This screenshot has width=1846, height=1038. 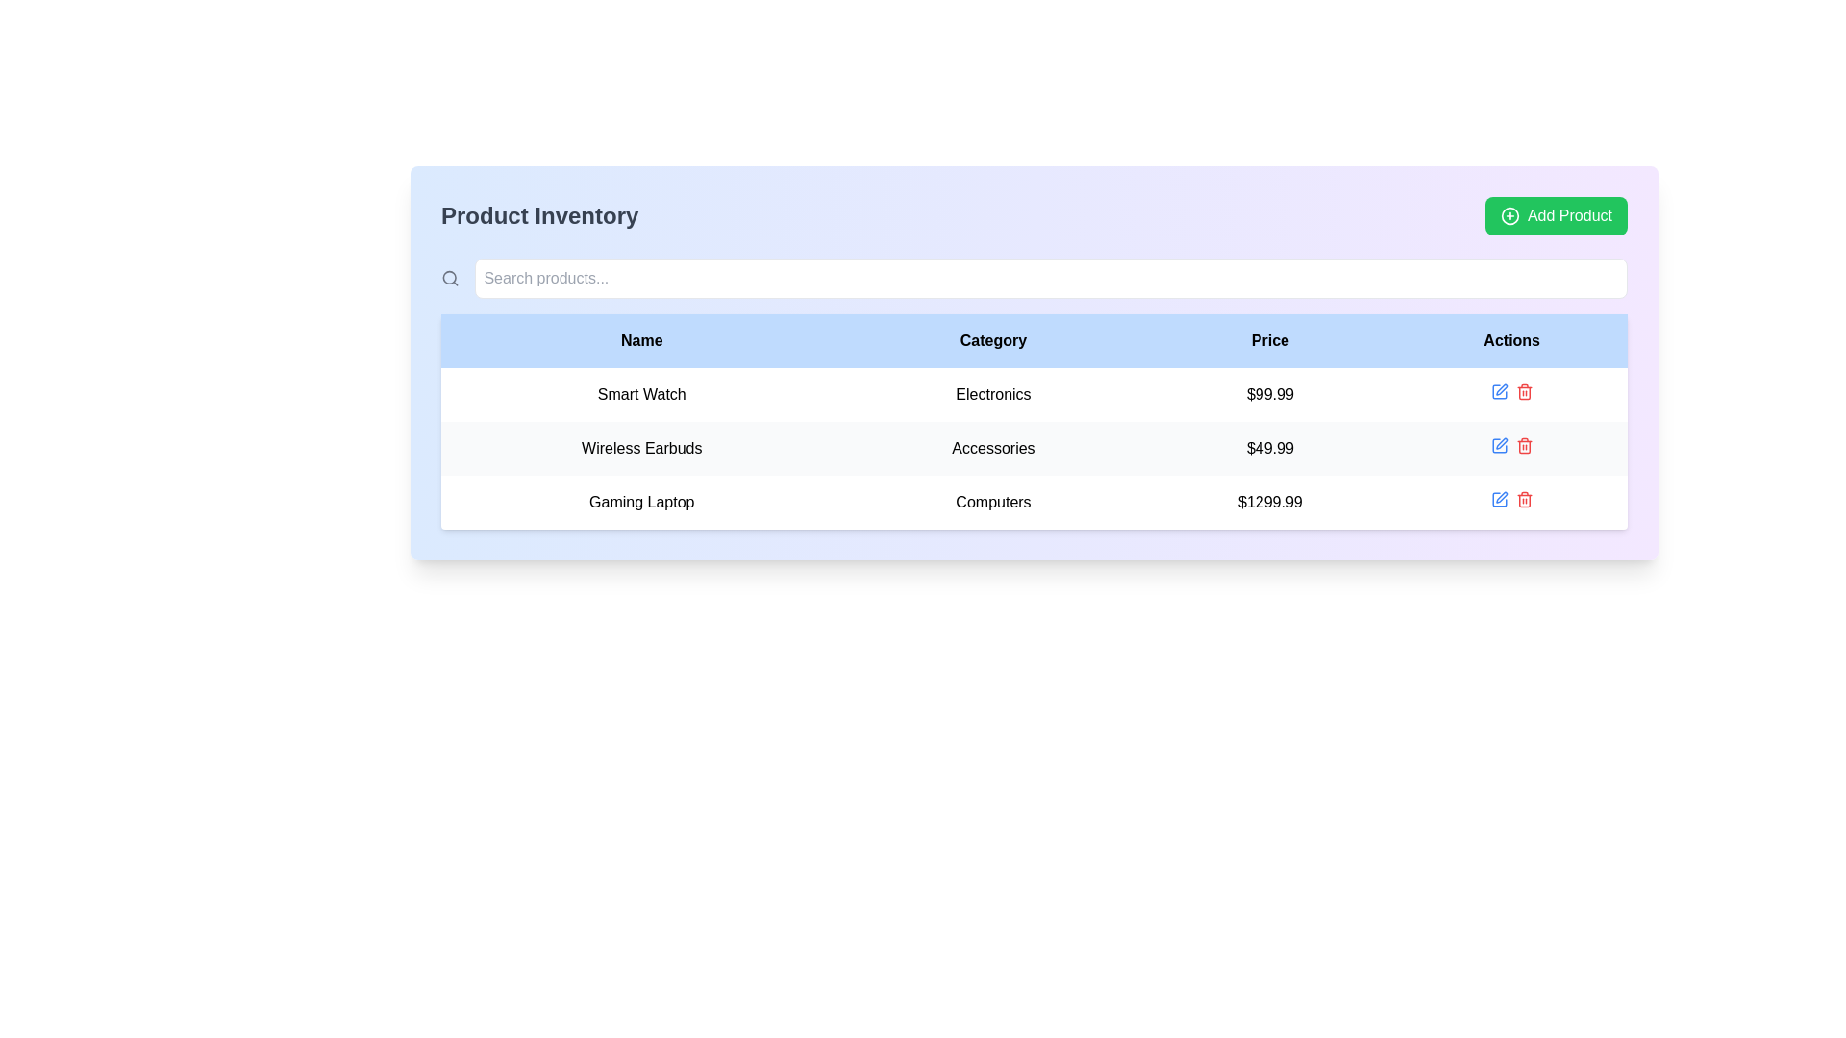 What do you see at coordinates (641, 448) in the screenshot?
I see `text label that identifies the product in the second row under the 'Name' column of the table` at bounding box center [641, 448].